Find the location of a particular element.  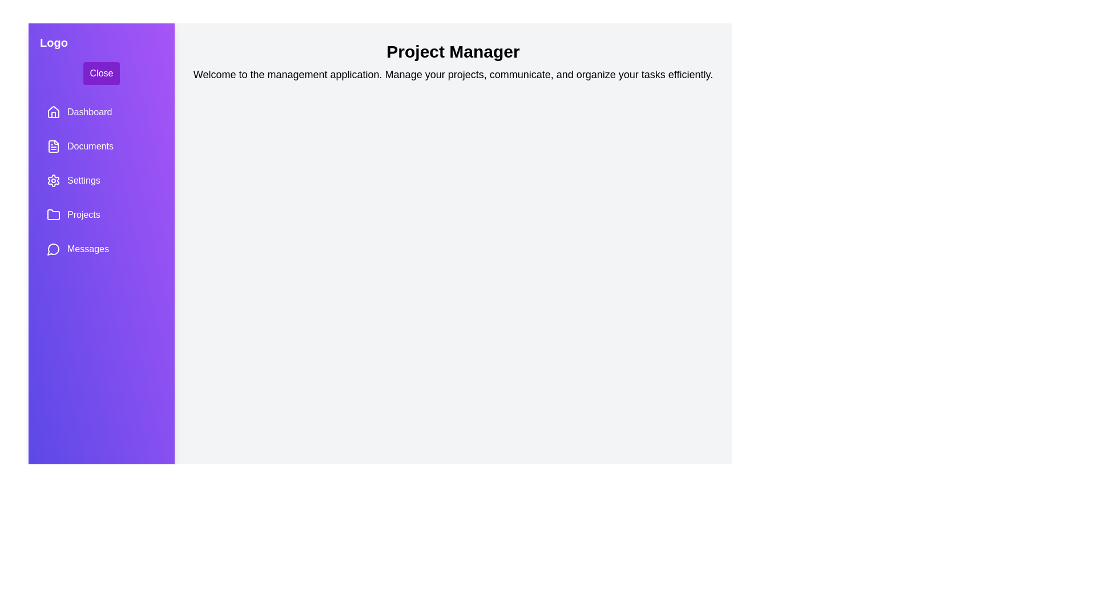

the sidebar item labeled 'Documents' to observe the hover effect is located at coordinates (101, 146).